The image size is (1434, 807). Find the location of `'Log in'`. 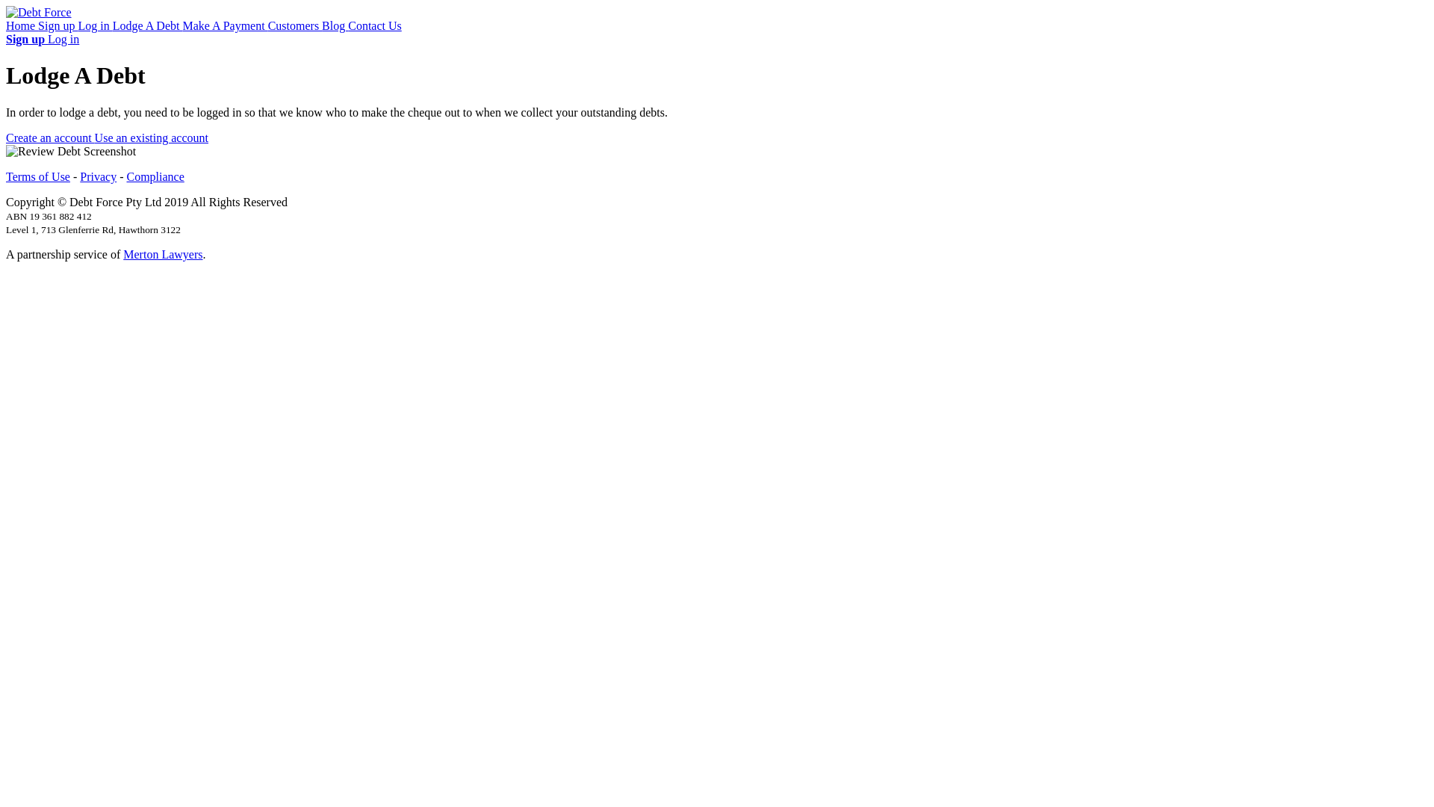

'Log in' is located at coordinates (63, 38).